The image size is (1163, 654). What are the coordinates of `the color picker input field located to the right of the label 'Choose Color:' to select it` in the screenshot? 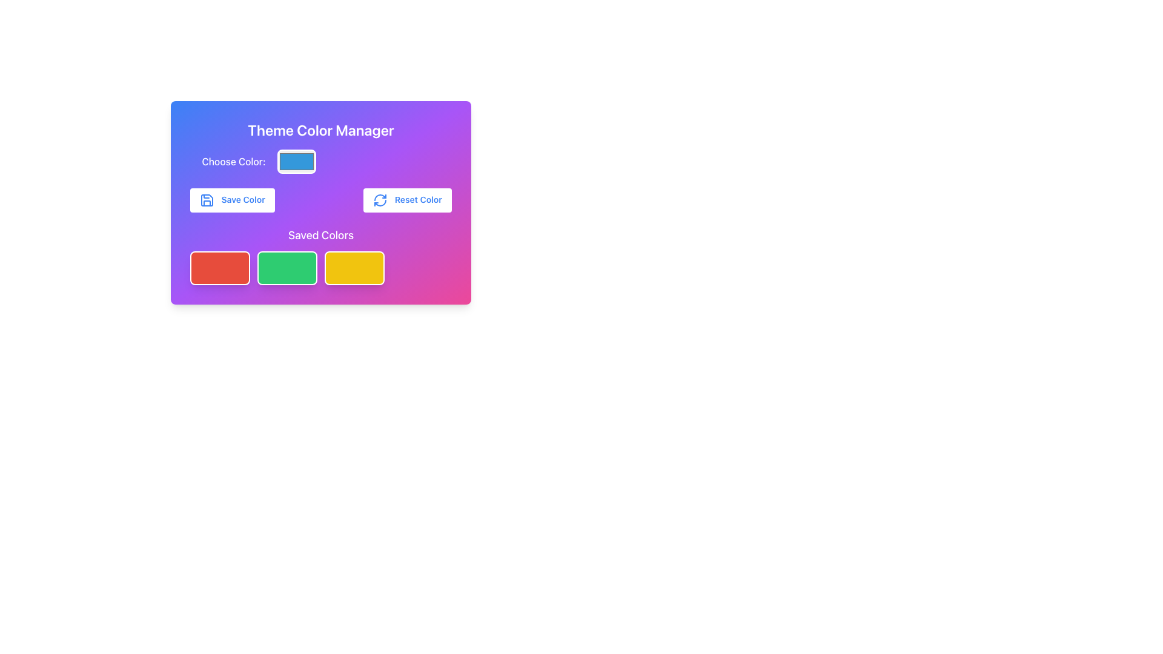 It's located at (296, 160).